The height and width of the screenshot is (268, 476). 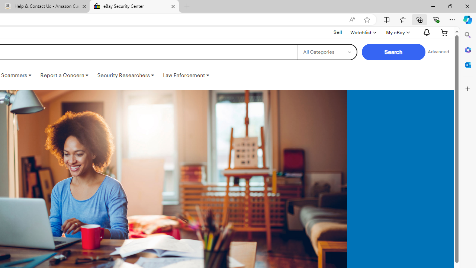 What do you see at coordinates (444, 32) in the screenshot?
I see `'Expand Cart'` at bounding box center [444, 32].